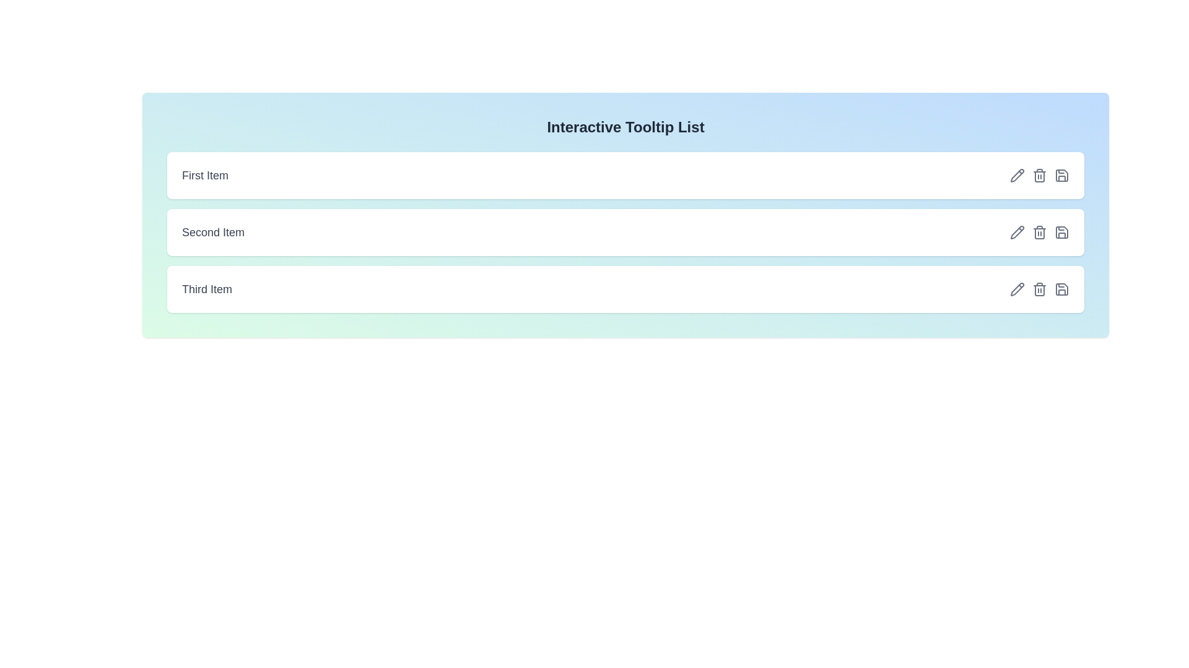 The image size is (1189, 668). Describe the element at coordinates (1061, 176) in the screenshot. I see `the save icon button, which is a floppy disk shape located at the rightmost position in the Interactive Tooltip List` at that location.